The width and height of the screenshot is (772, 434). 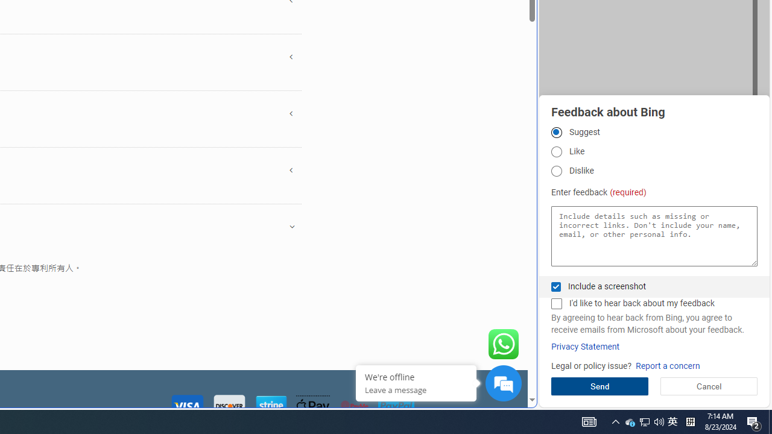 I want to click on 'Cancel', so click(x=709, y=386).